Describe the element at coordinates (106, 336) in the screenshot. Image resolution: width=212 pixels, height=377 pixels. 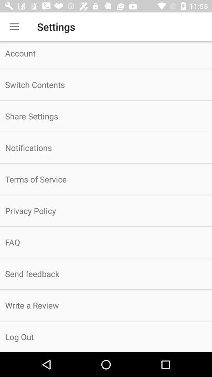
I see `the log out item` at that location.